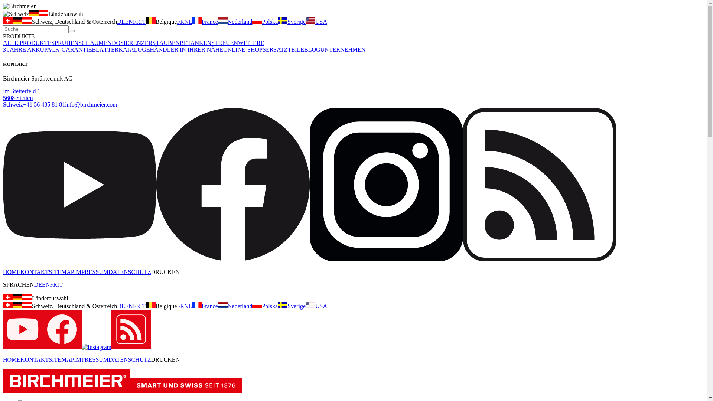 The height and width of the screenshot is (401, 713). What do you see at coordinates (27, 43) in the screenshot?
I see `'ALLE PRODUKTE'` at bounding box center [27, 43].